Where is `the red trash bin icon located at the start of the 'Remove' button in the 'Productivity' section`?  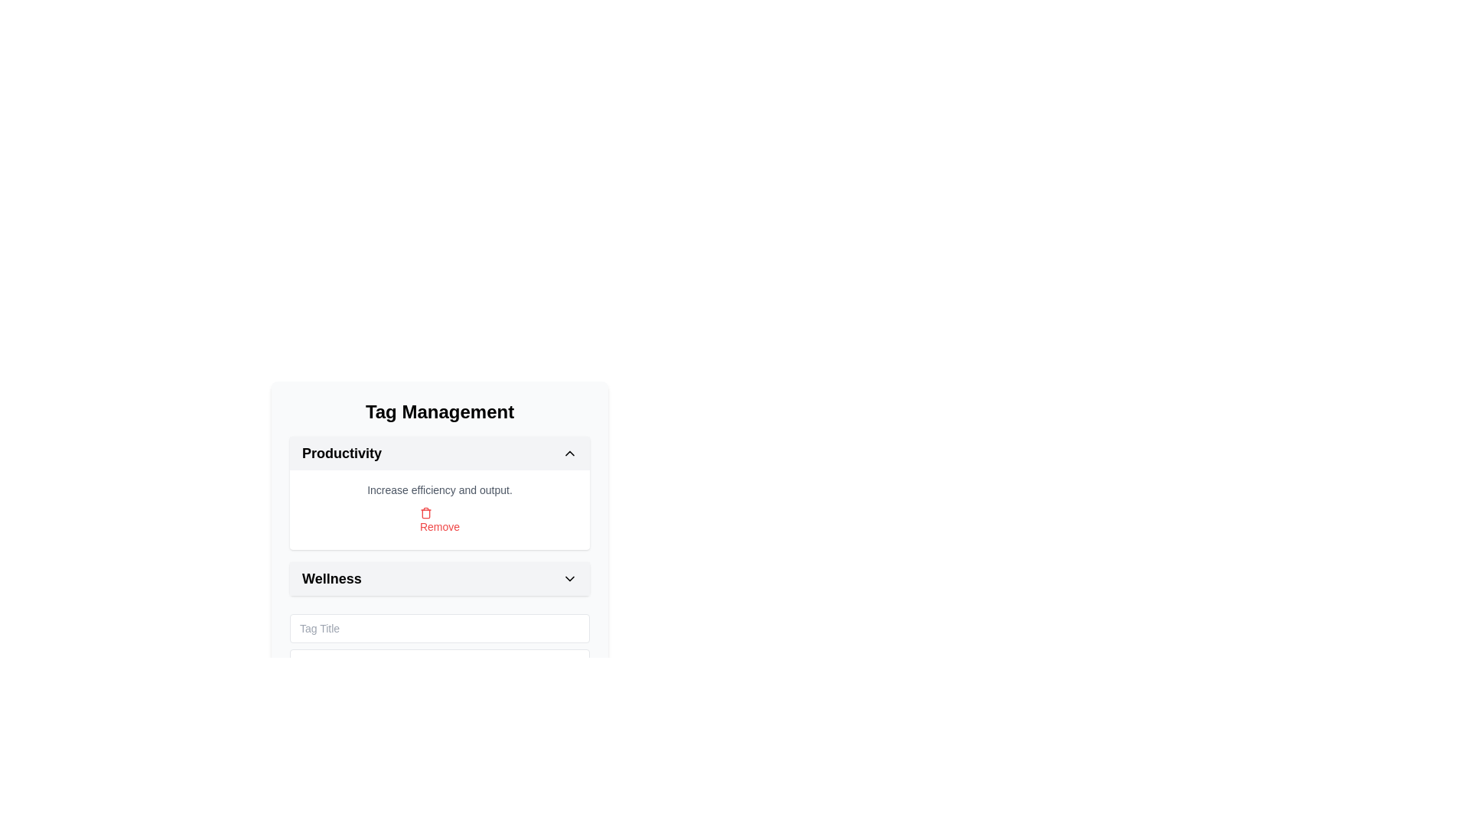
the red trash bin icon located at the start of the 'Remove' button in the 'Productivity' section is located at coordinates (425, 513).